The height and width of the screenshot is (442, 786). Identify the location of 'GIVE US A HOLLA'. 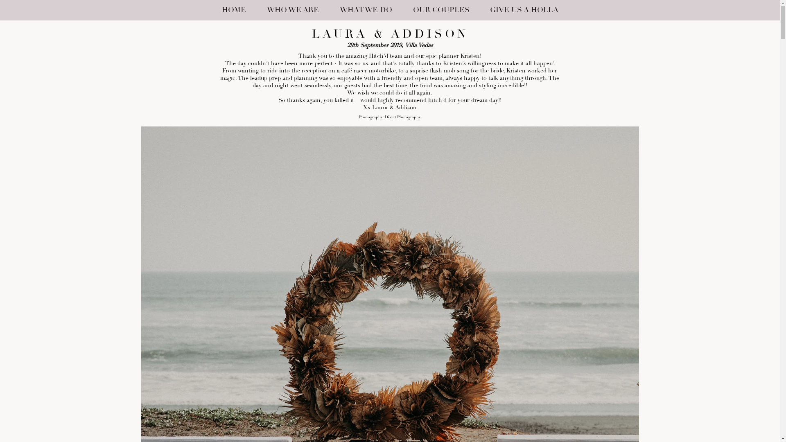
(524, 10).